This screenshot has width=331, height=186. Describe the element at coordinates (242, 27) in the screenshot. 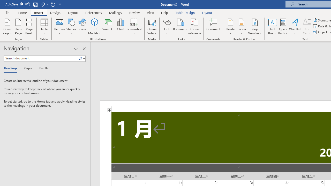

I see `'Footer'` at that location.